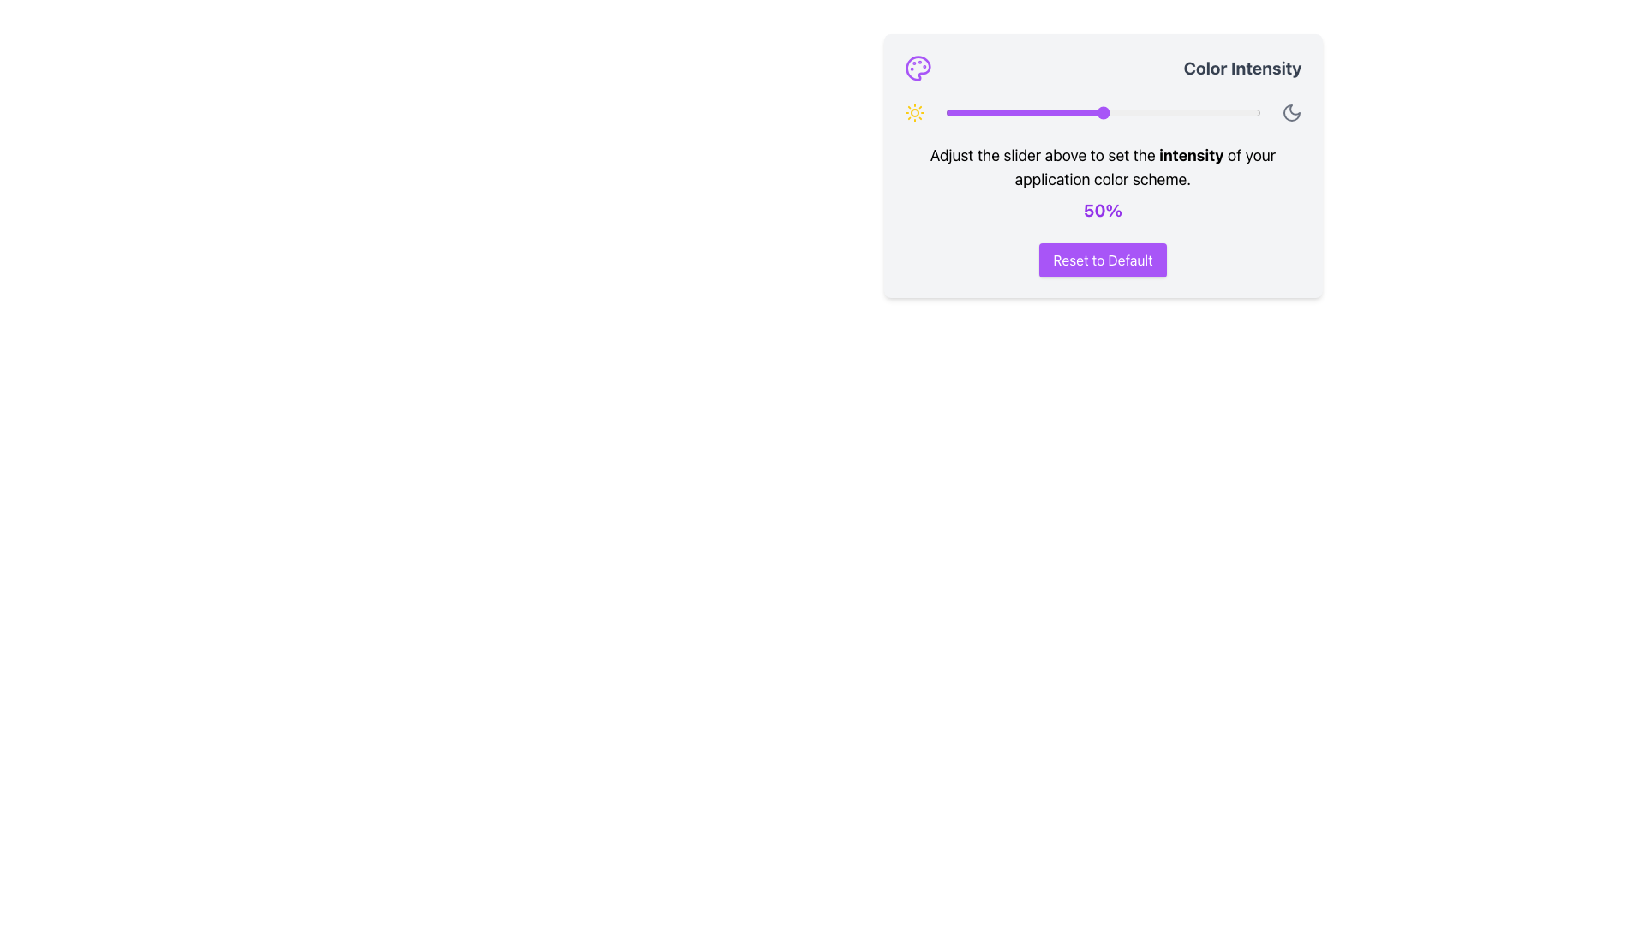  Describe the element at coordinates (1257, 112) in the screenshot. I see `the color intensity` at that location.